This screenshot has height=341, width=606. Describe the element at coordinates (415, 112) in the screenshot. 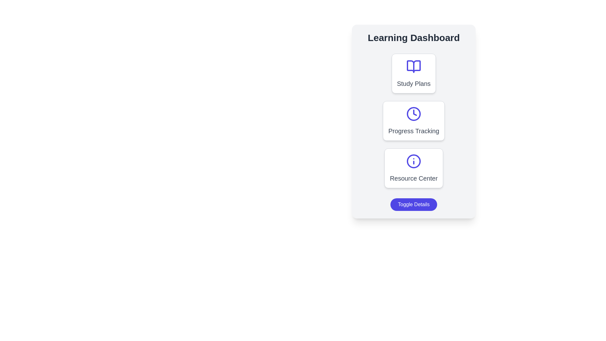

I see `the downward pointing triangular arrow in the SVG illustration located within the 'Progress Tracking' card` at that location.